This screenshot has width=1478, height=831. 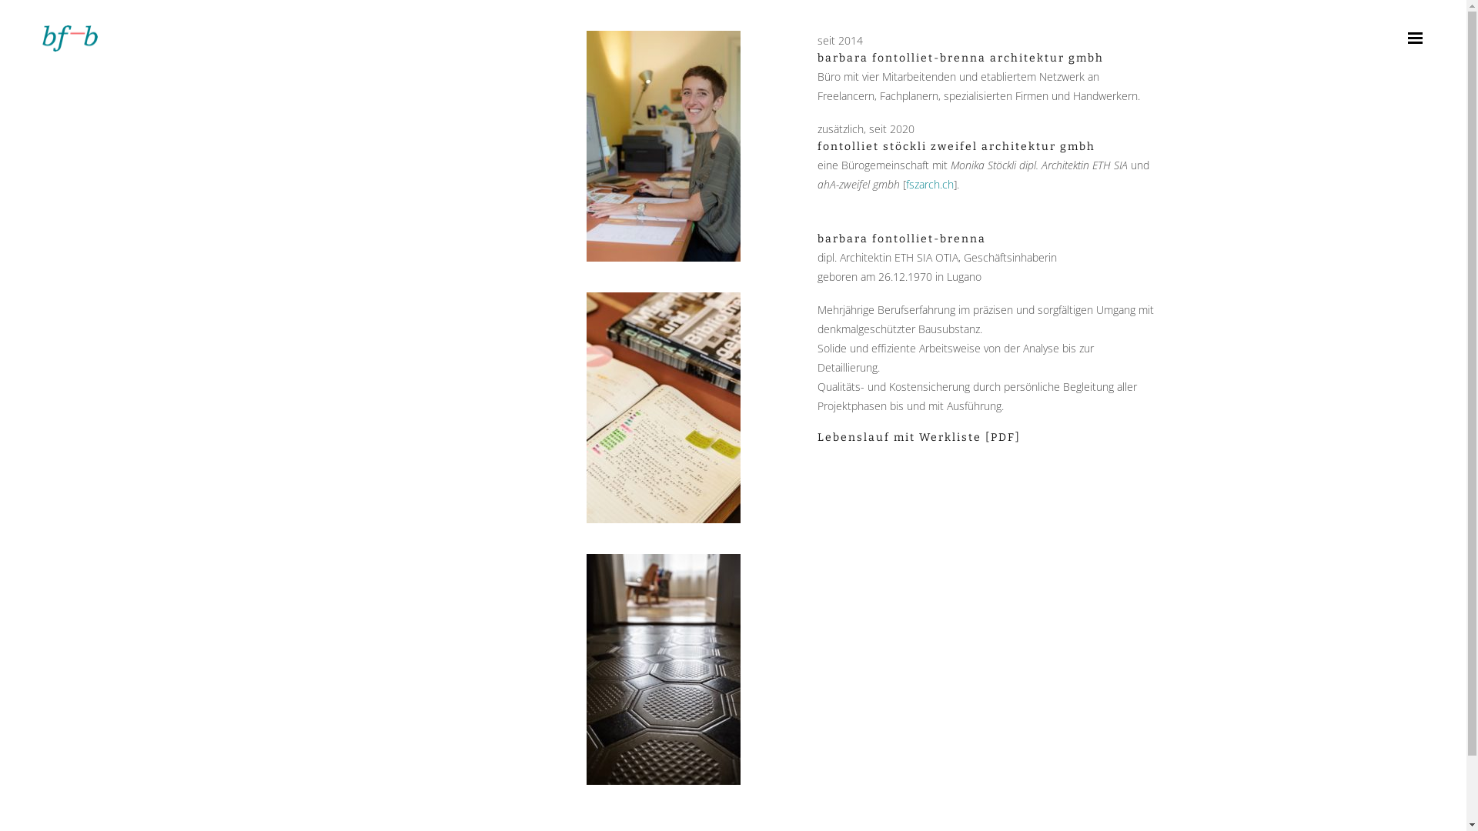 What do you see at coordinates (929, 183) in the screenshot?
I see `'fszarch.ch'` at bounding box center [929, 183].